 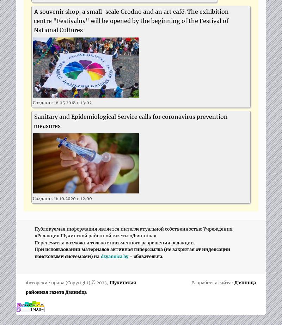 What do you see at coordinates (213, 283) in the screenshot?
I see `'Разработка сайта:'` at bounding box center [213, 283].